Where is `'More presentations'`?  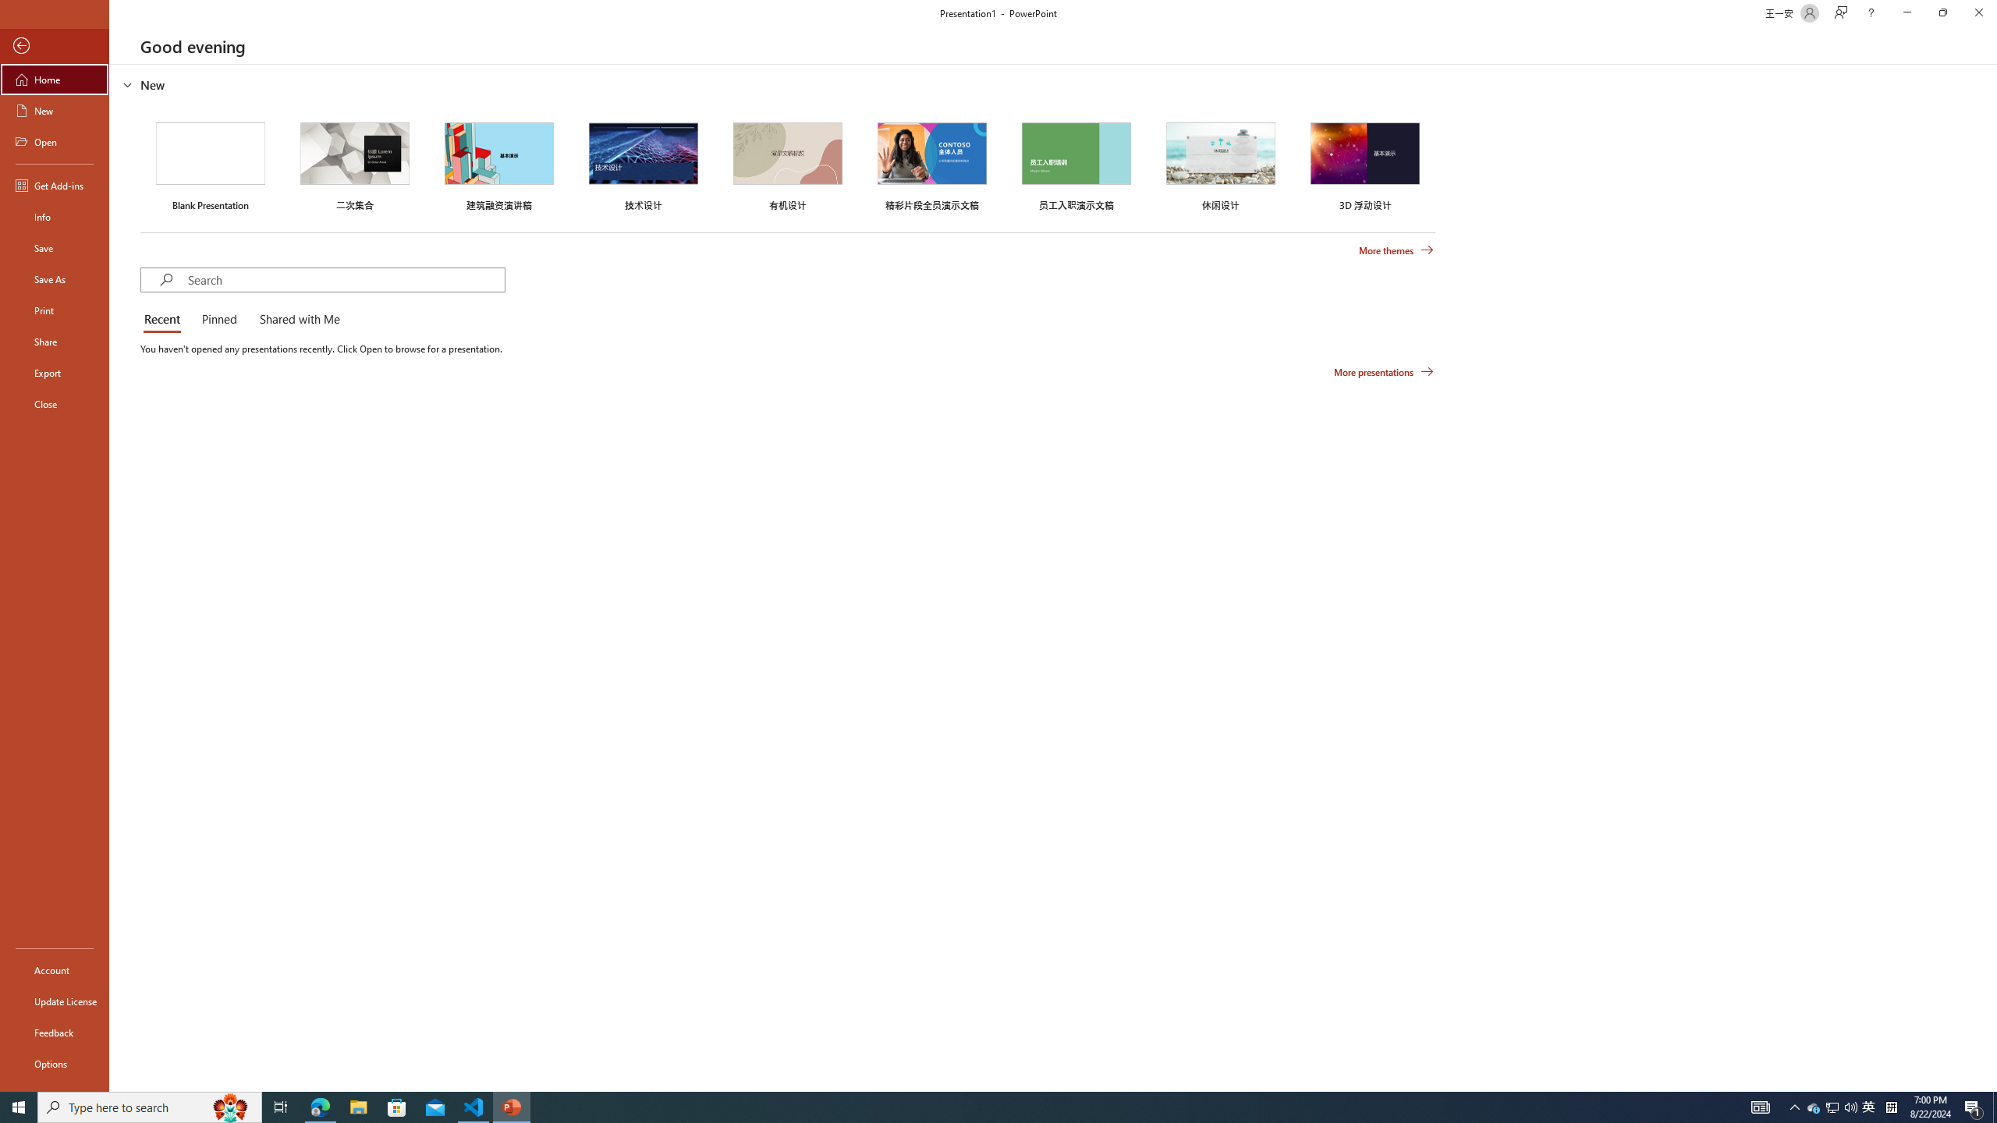
'More presentations' is located at coordinates (1383, 370).